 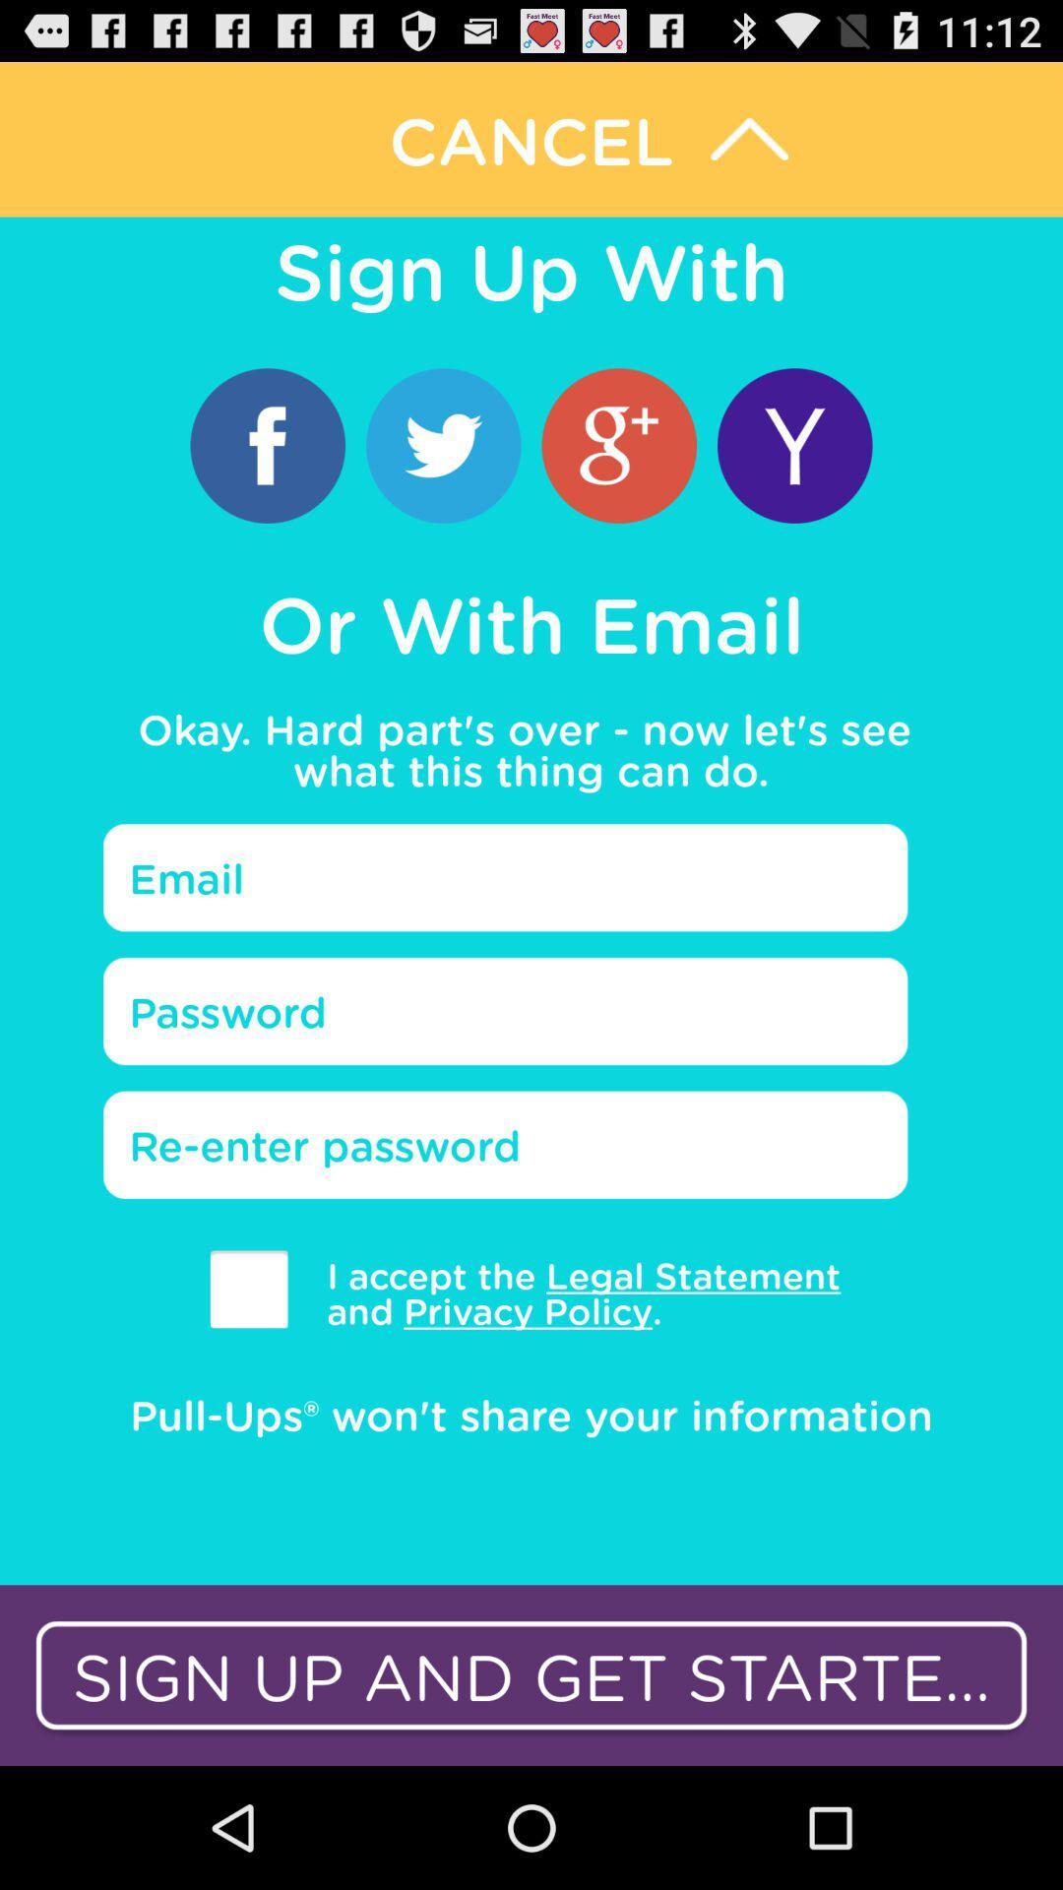 What do you see at coordinates (268, 444) in the screenshot?
I see `login with fb` at bounding box center [268, 444].